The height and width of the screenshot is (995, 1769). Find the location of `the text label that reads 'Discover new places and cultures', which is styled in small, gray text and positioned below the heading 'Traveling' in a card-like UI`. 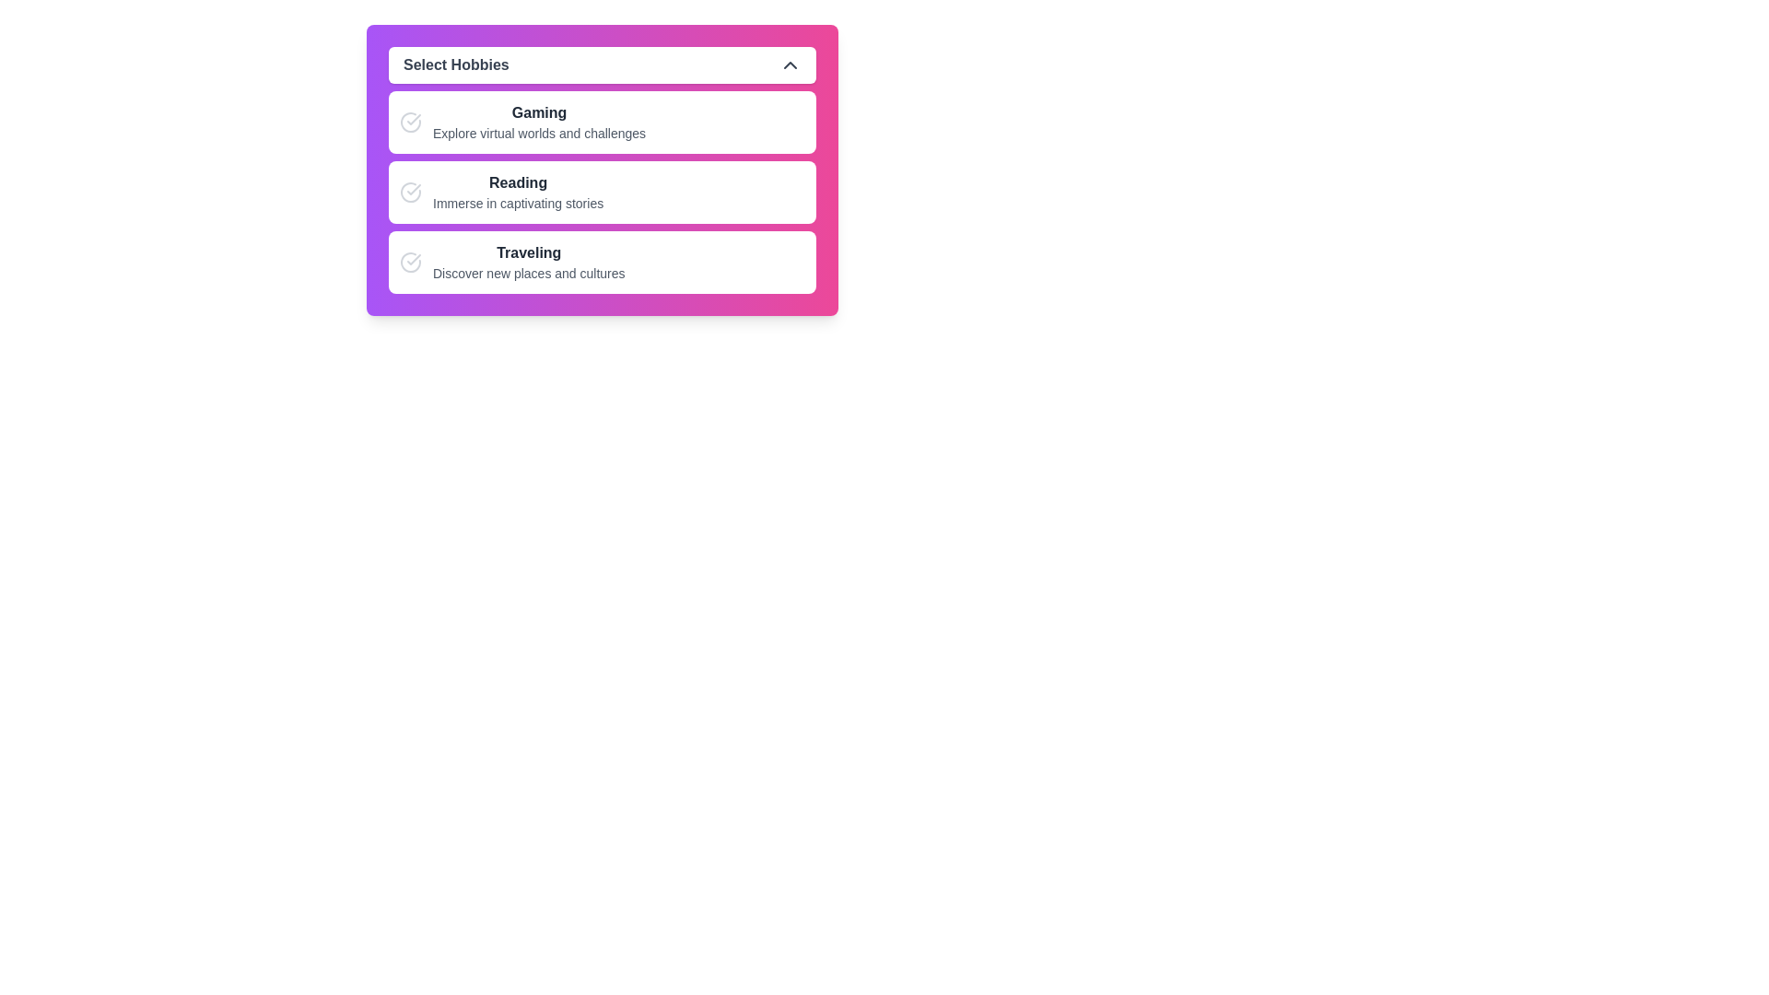

the text label that reads 'Discover new places and cultures', which is styled in small, gray text and positioned below the heading 'Traveling' in a card-like UI is located at coordinates (528, 274).